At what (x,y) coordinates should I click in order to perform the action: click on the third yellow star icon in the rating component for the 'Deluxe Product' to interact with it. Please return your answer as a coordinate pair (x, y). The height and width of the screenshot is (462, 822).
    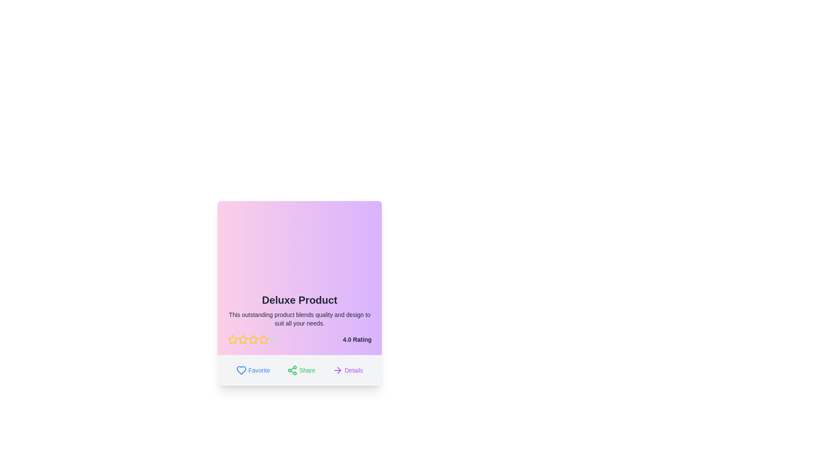
    Looking at the image, I should click on (253, 339).